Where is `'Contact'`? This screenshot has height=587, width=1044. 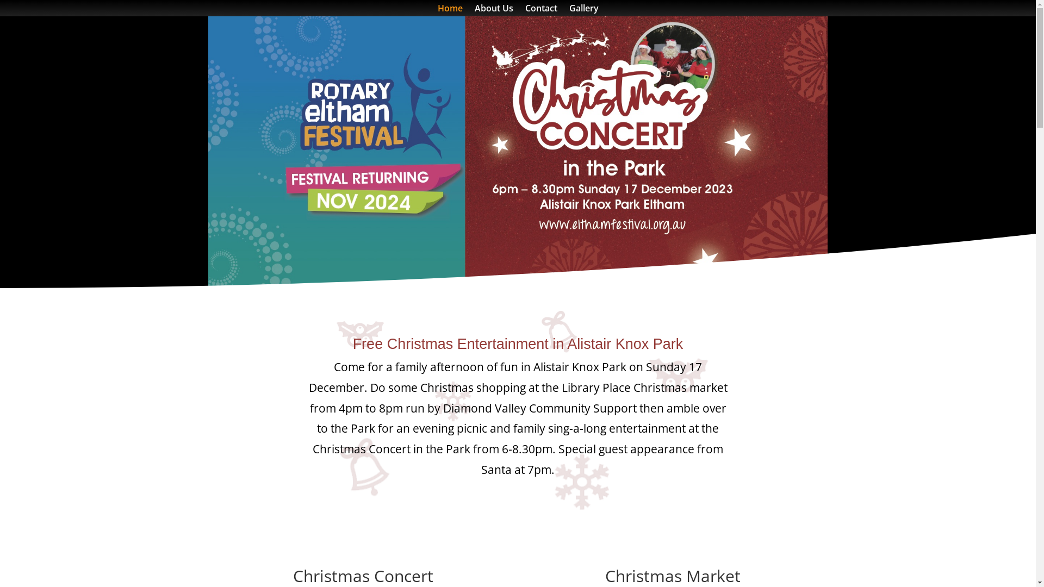 'Contact' is located at coordinates (541, 10).